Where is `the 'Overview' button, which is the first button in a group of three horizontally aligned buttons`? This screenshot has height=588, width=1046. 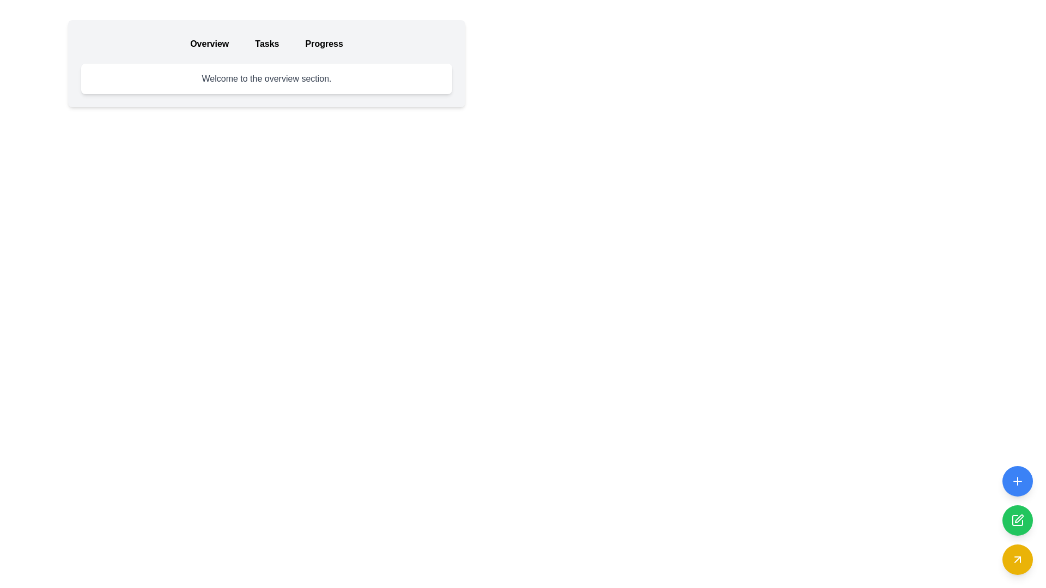
the 'Overview' button, which is the first button in a group of three horizontally aligned buttons is located at coordinates (209, 44).